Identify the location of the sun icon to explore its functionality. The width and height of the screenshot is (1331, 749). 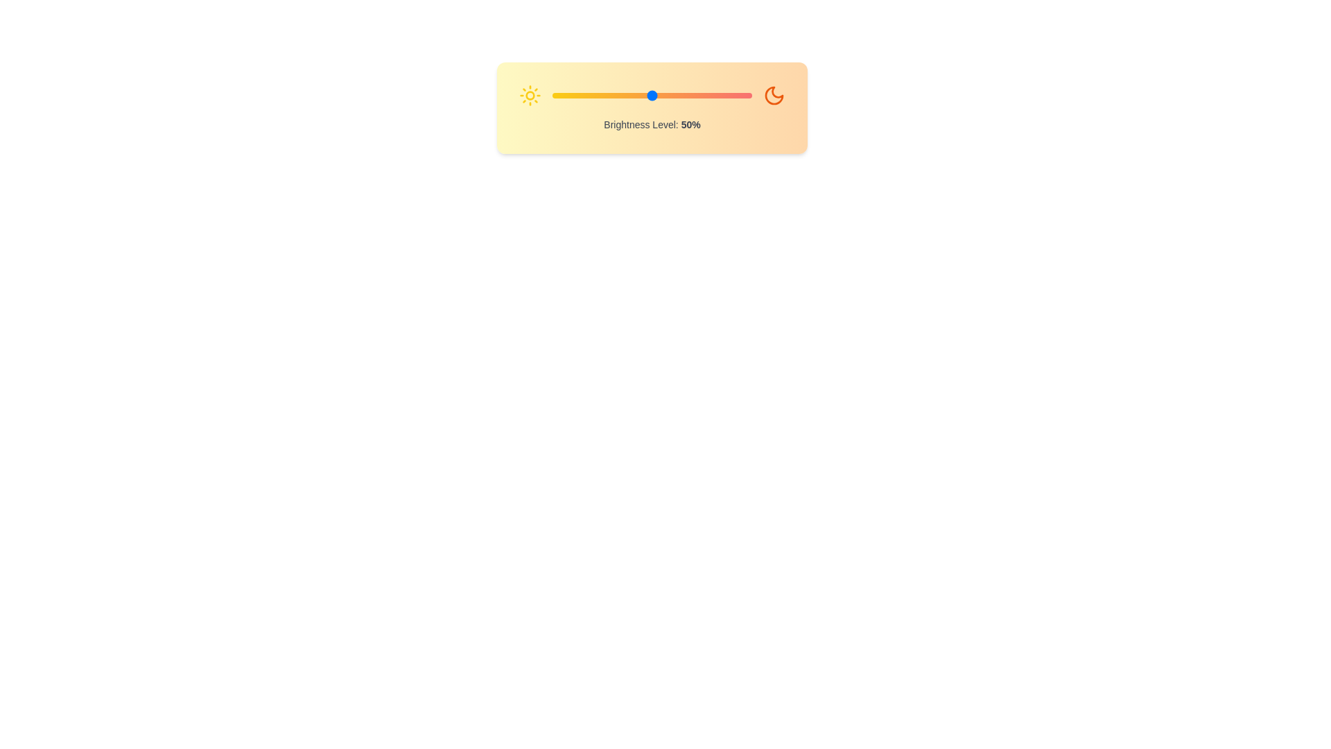
(529, 95).